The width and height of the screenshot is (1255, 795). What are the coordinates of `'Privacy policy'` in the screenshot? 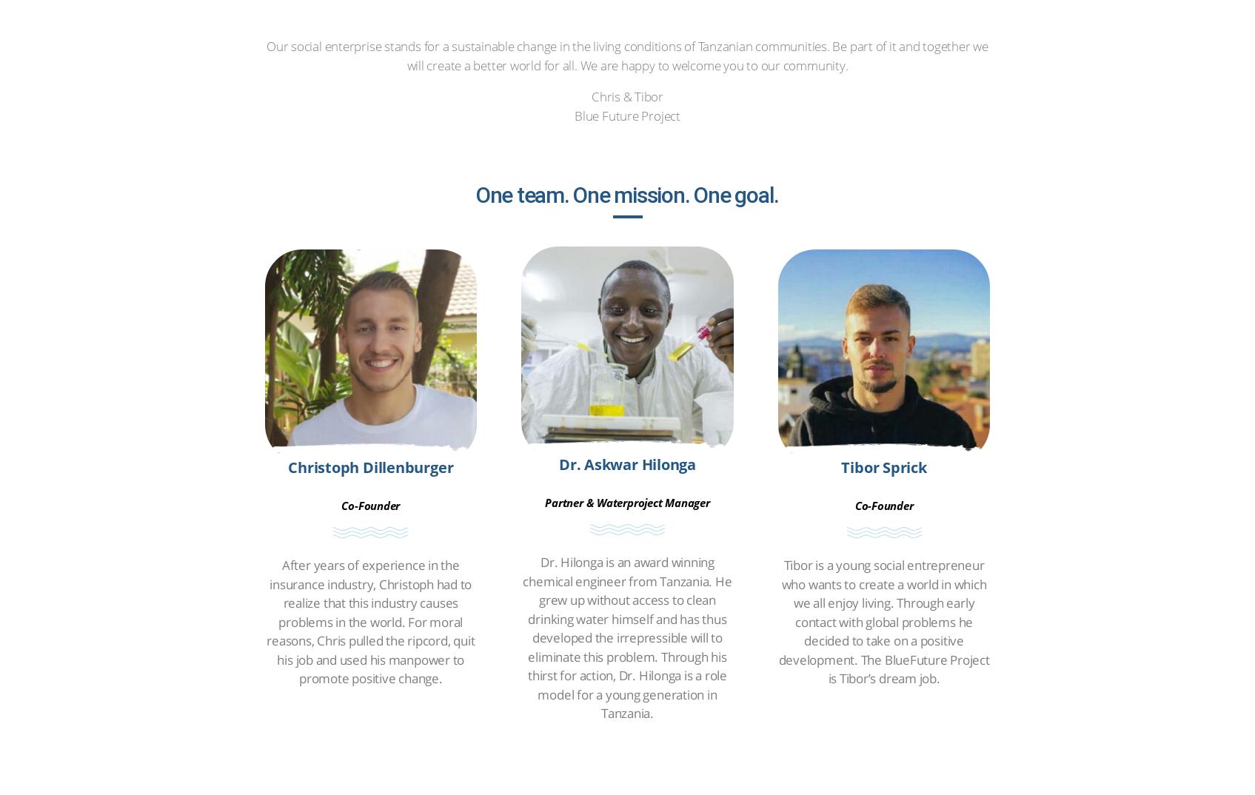 It's located at (498, 492).